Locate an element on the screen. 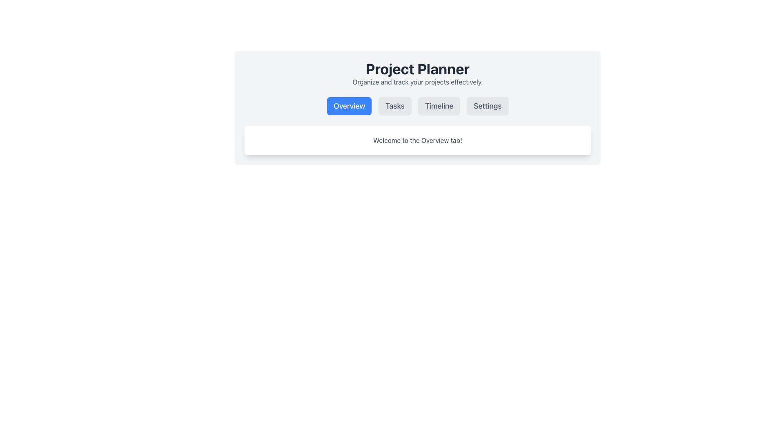 This screenshot has height=441, width=784. the text element that says 'Organize and track your projects effectively.' located directly below 'Project Planner' in the heading section is located at coordinates (417, 82).